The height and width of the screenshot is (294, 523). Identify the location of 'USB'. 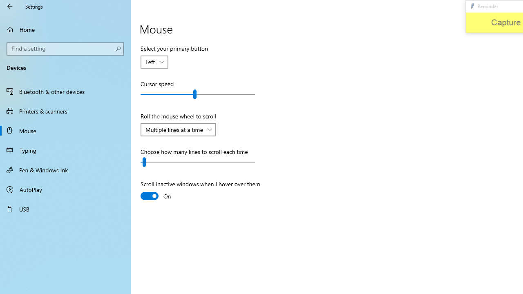
(65, 208).